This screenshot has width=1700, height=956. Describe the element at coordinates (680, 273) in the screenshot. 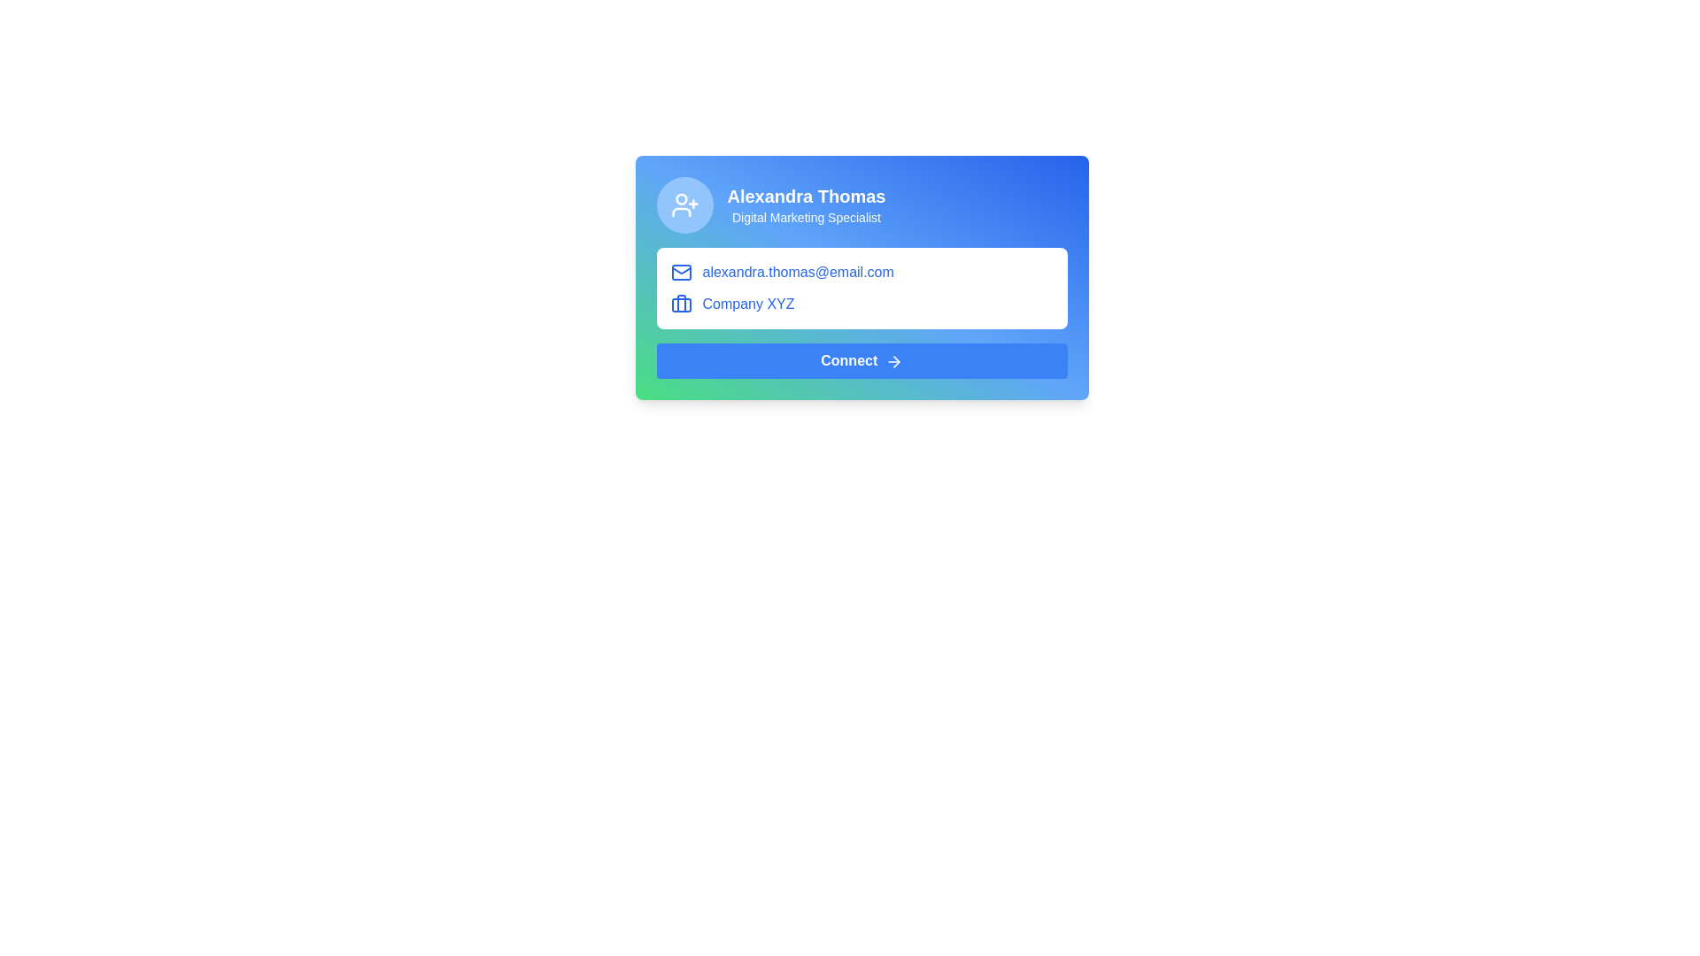

I see `the icon to the left of the email address field 'alexandra.thomas@email.com', which serves as a visual indicator for the email input` at that location.